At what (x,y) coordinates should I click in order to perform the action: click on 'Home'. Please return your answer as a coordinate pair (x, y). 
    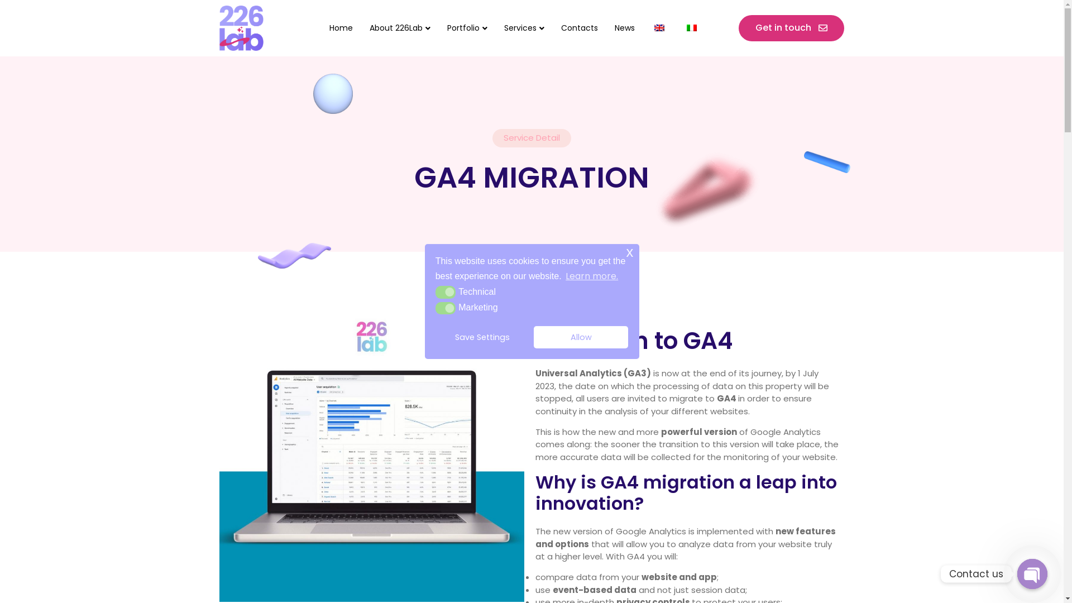
    Looking at the image, I should click on (340, 27).